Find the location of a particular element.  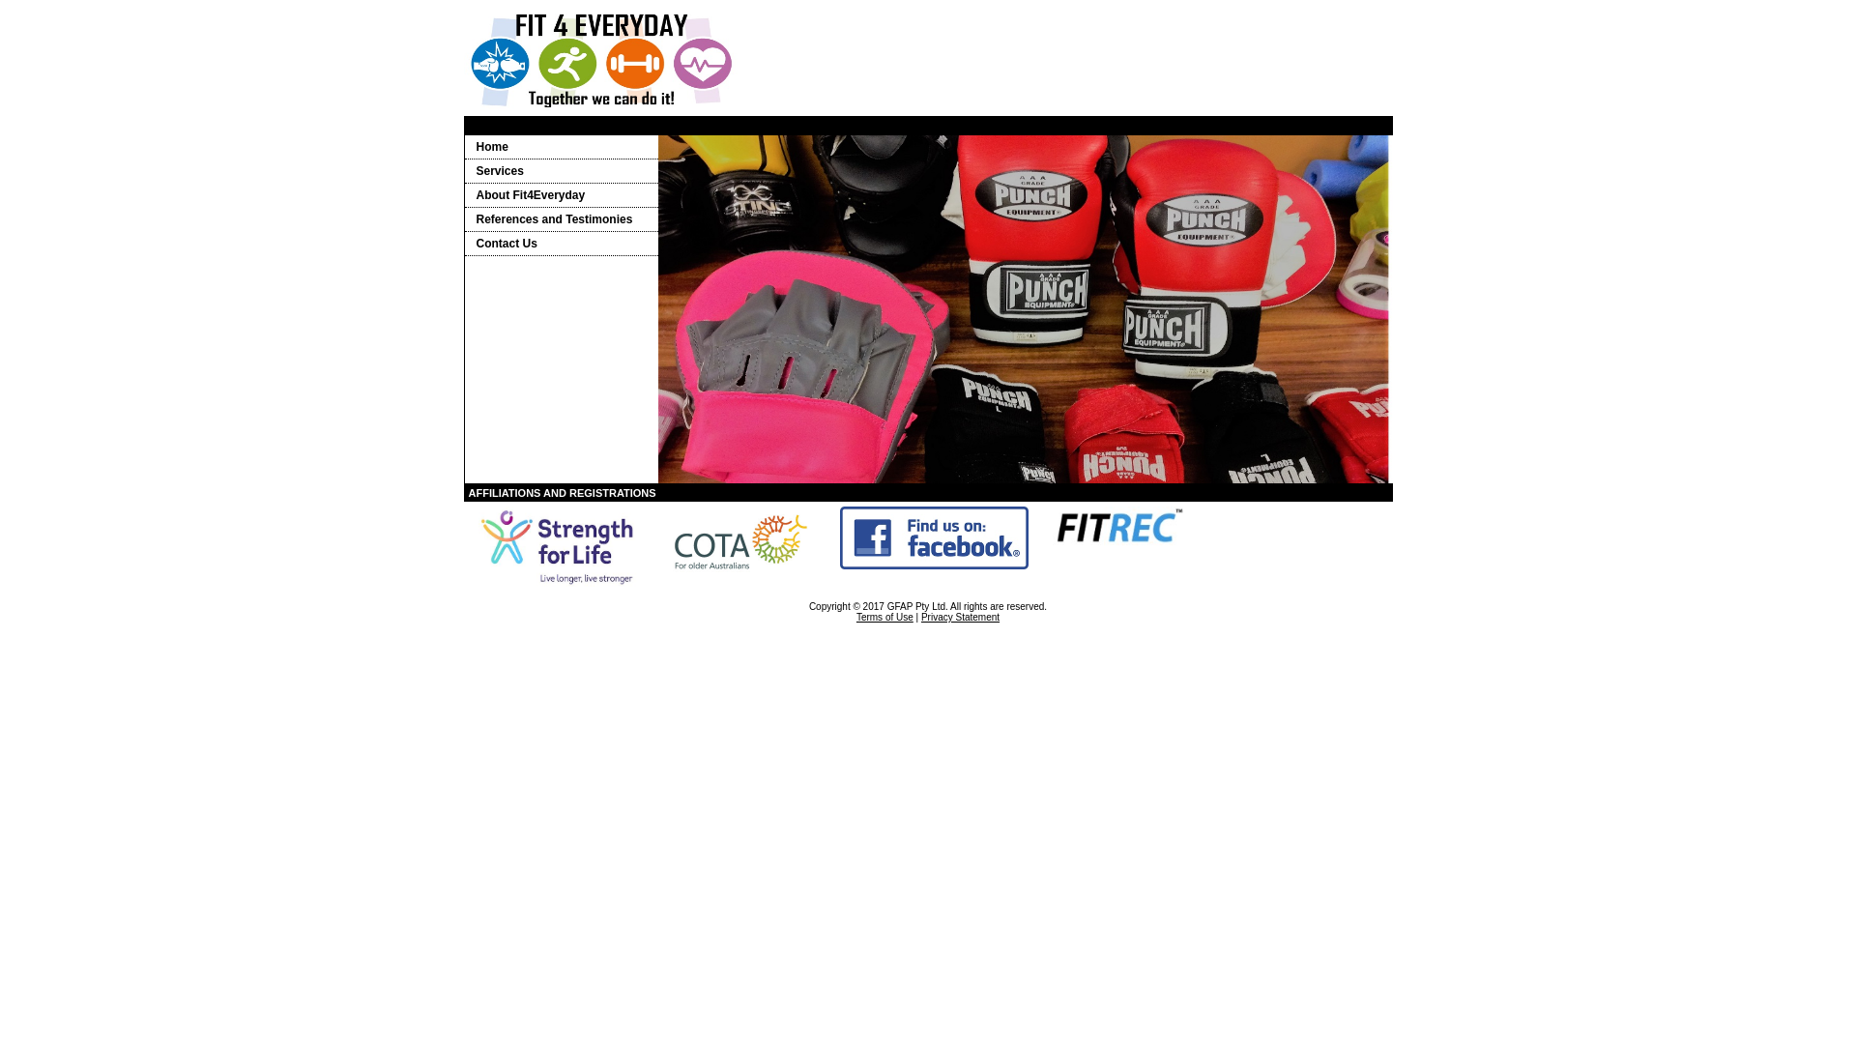

'Contact Us' is located at coordinates (560, 243).